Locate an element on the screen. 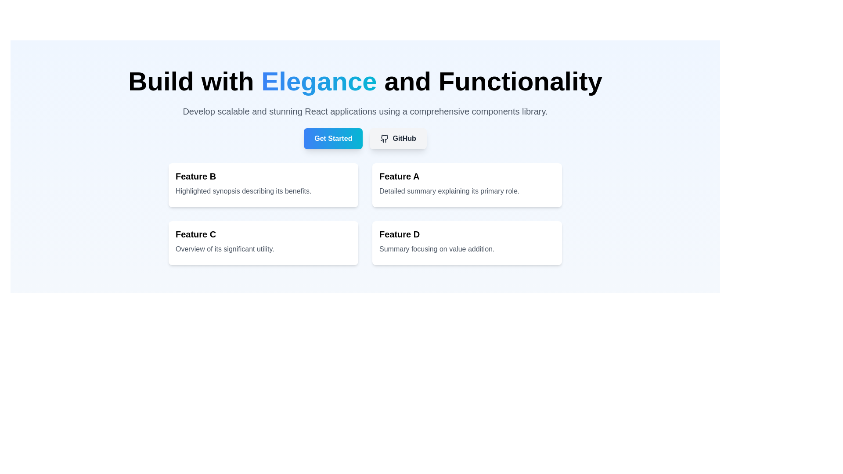  the Card that presents 'Feature A', which is the second card in a two-column grid layout, located in the first row, second column is located at coordinates (467, 184).